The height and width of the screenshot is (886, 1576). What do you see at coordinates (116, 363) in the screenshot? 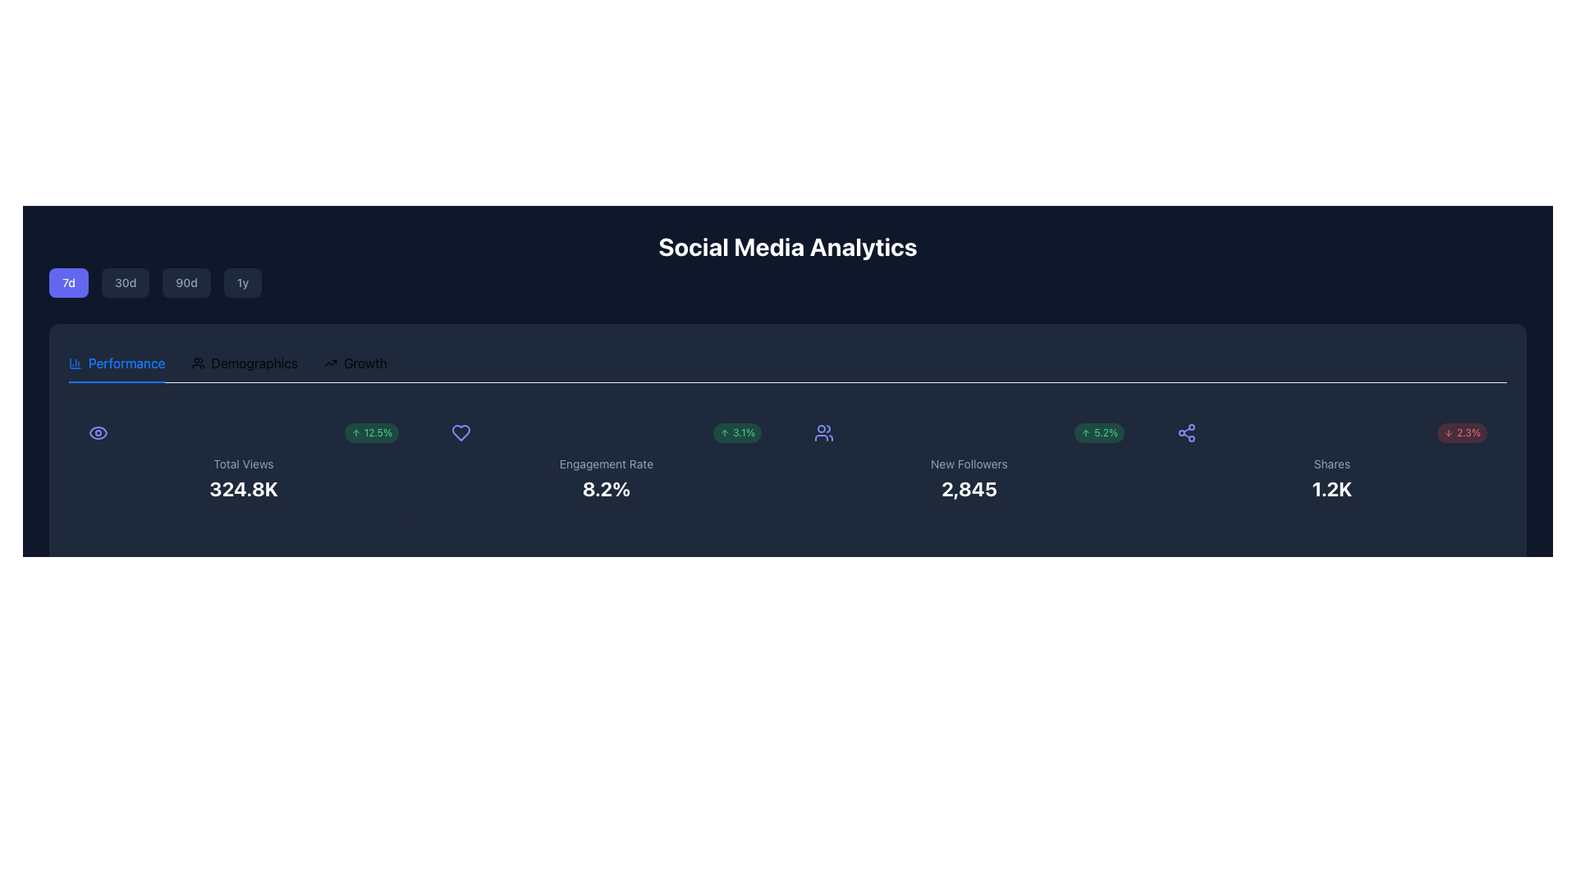
I see `the 'Performance' tab to switch the content view` at bounding box center [116, 363].